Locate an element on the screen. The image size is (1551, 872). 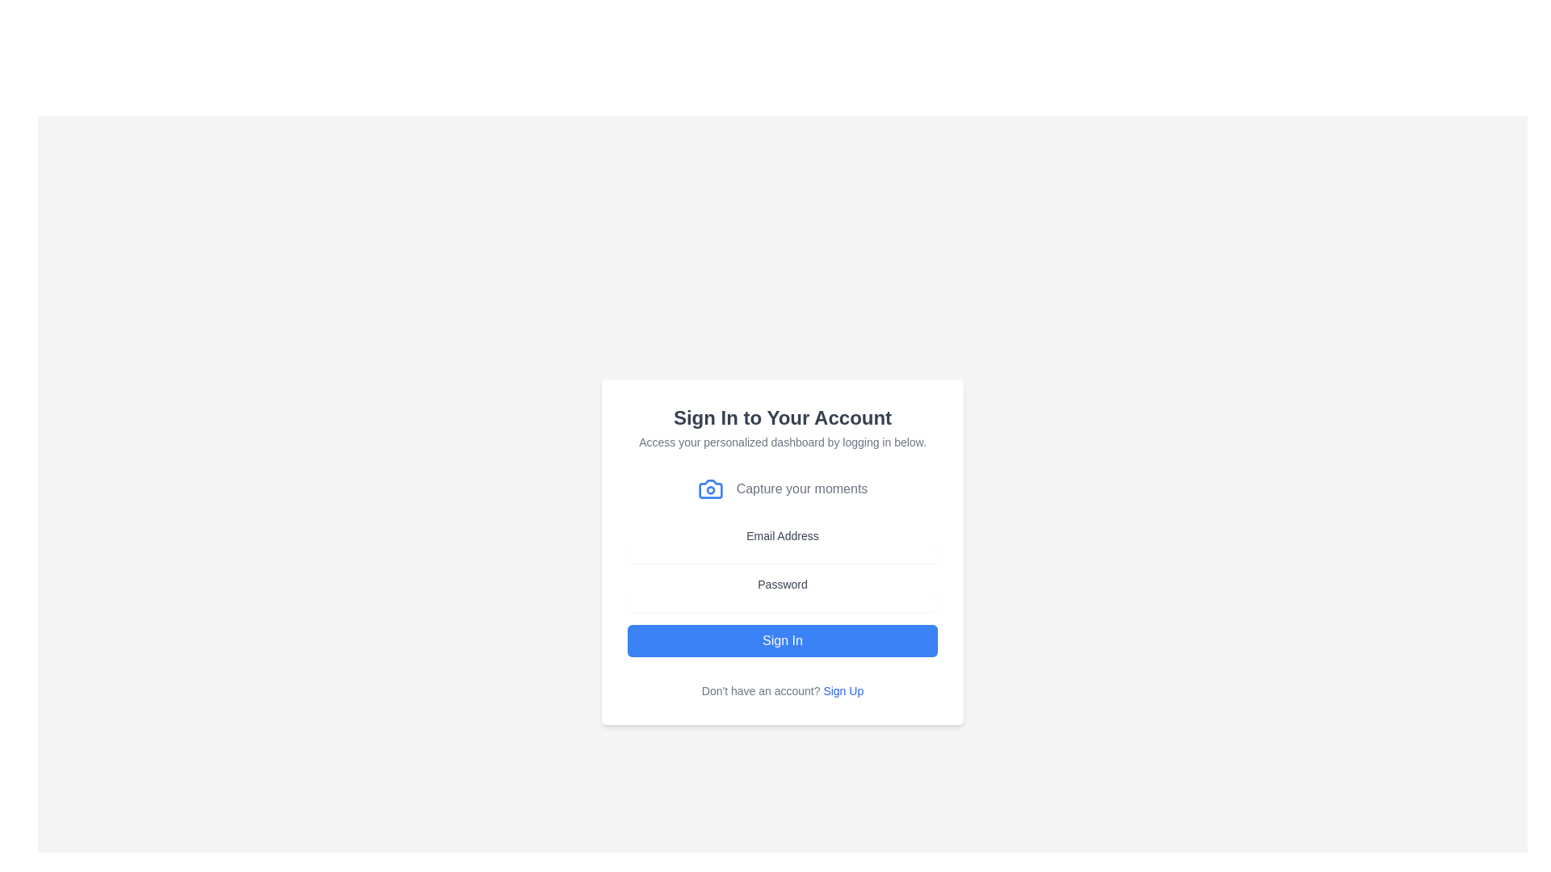
the email input field by tabbing to it, which is located directly below the 'Email Address' label and features a rounded rectangular shape with light gray borders is located at coordinates (783, 554).